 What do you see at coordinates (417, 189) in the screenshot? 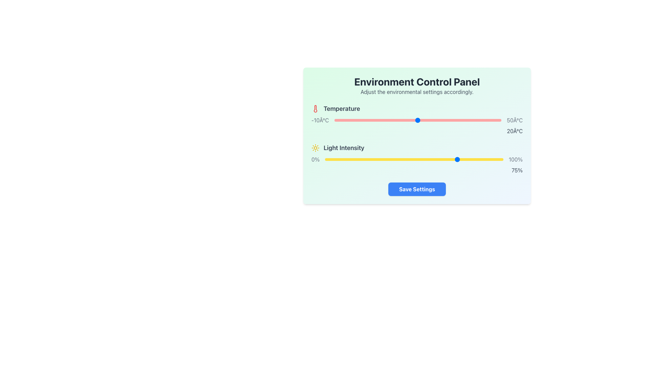
I see `the 'Save Settings' button located at the bottom center of the 'Environment Control Panel'` at bounding box center [417, 189].